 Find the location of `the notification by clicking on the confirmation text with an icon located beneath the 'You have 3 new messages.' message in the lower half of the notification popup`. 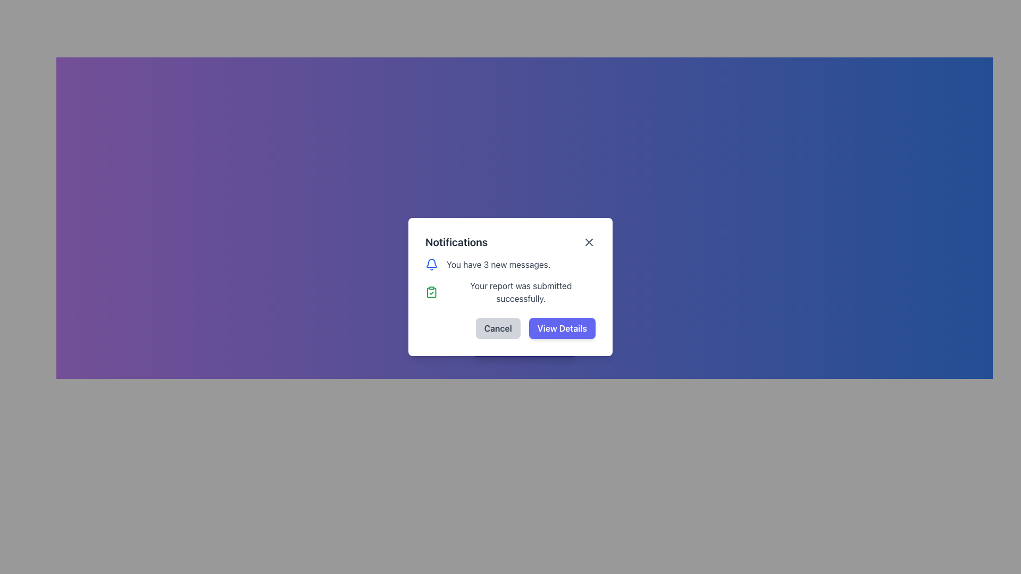

the notification by clicking on the confirmation text with an icon located beneath the 'You have 3 new messages.' message in the lower half of the notification popup is located at coordinates (510, 292).